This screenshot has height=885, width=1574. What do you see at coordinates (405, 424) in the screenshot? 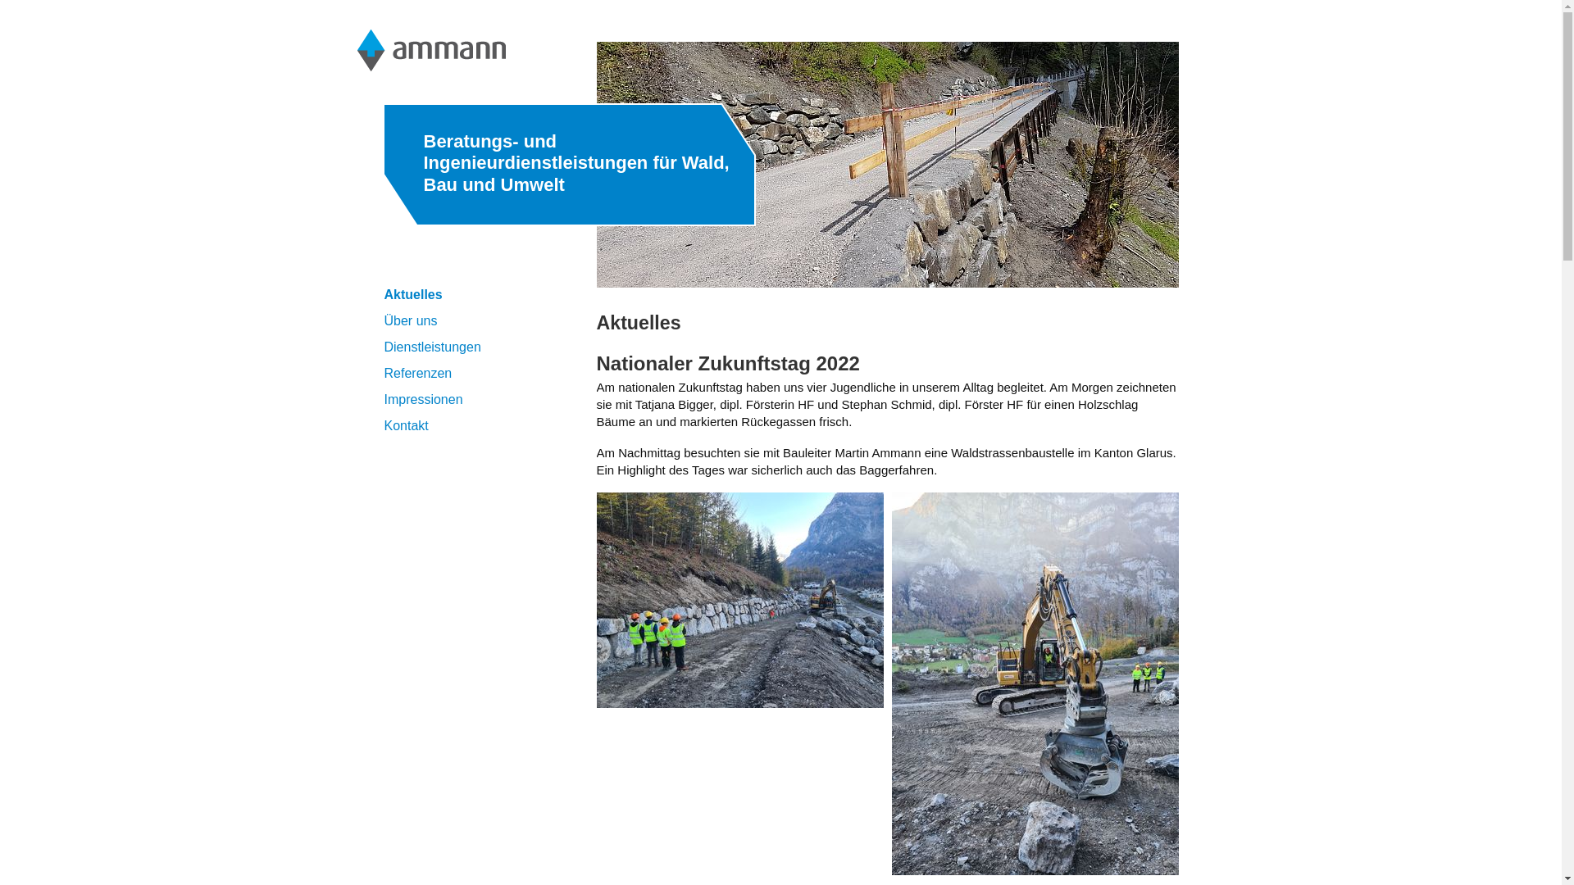
I see `'Kontakt'` at bounding box center [405, 424].